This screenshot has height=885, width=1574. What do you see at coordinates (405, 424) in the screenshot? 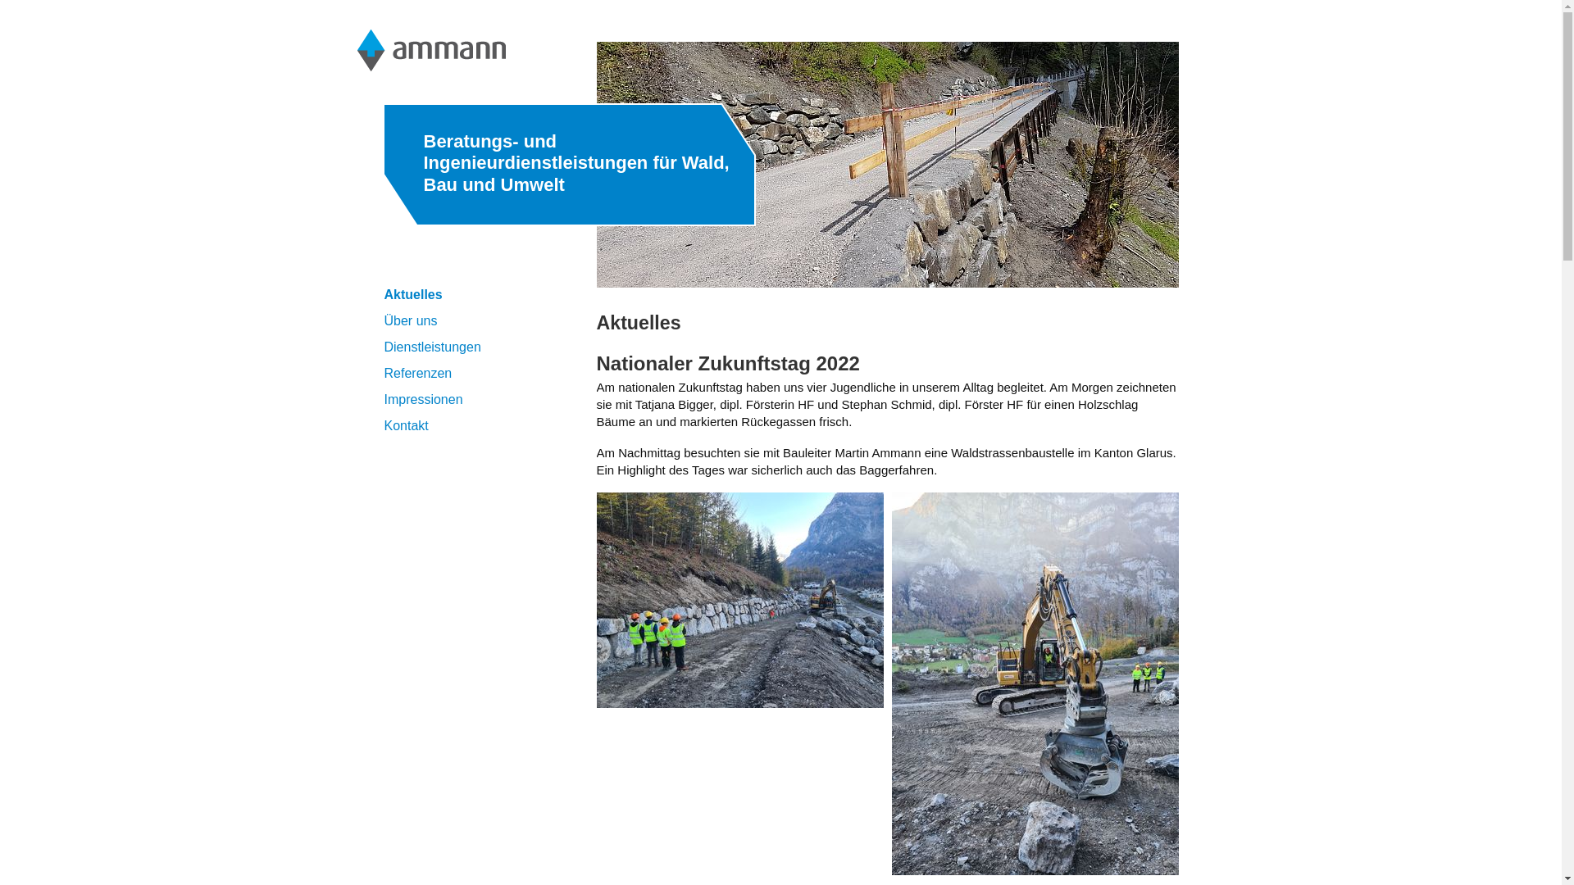
I see `'Kontakt'` at bounding box center [405, 424].